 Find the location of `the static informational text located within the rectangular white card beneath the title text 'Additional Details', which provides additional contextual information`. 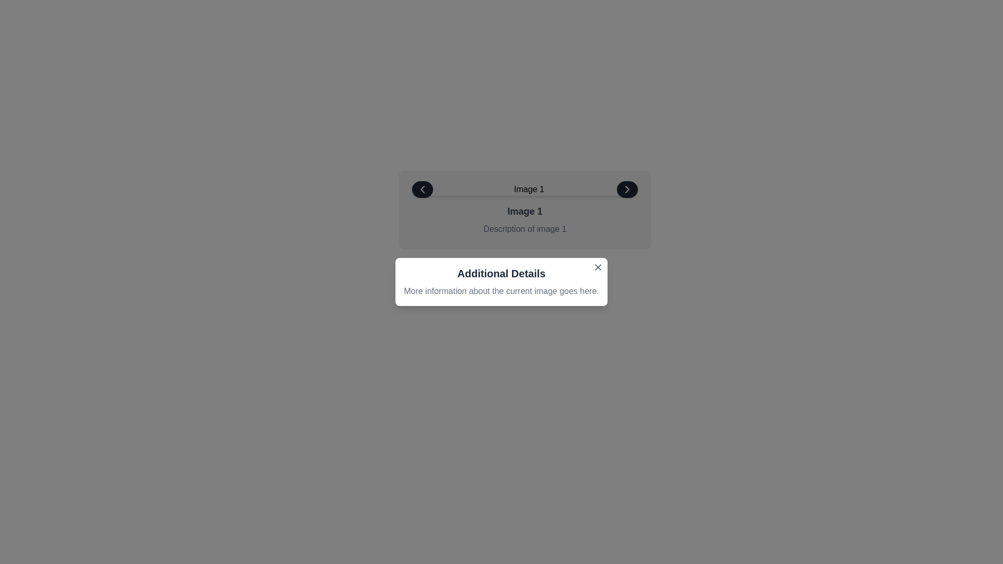

the static informational text located within the rectangular white card beneath the title text 'Additional Details', which provides additional contextual information is located at coordinates (501, 291).